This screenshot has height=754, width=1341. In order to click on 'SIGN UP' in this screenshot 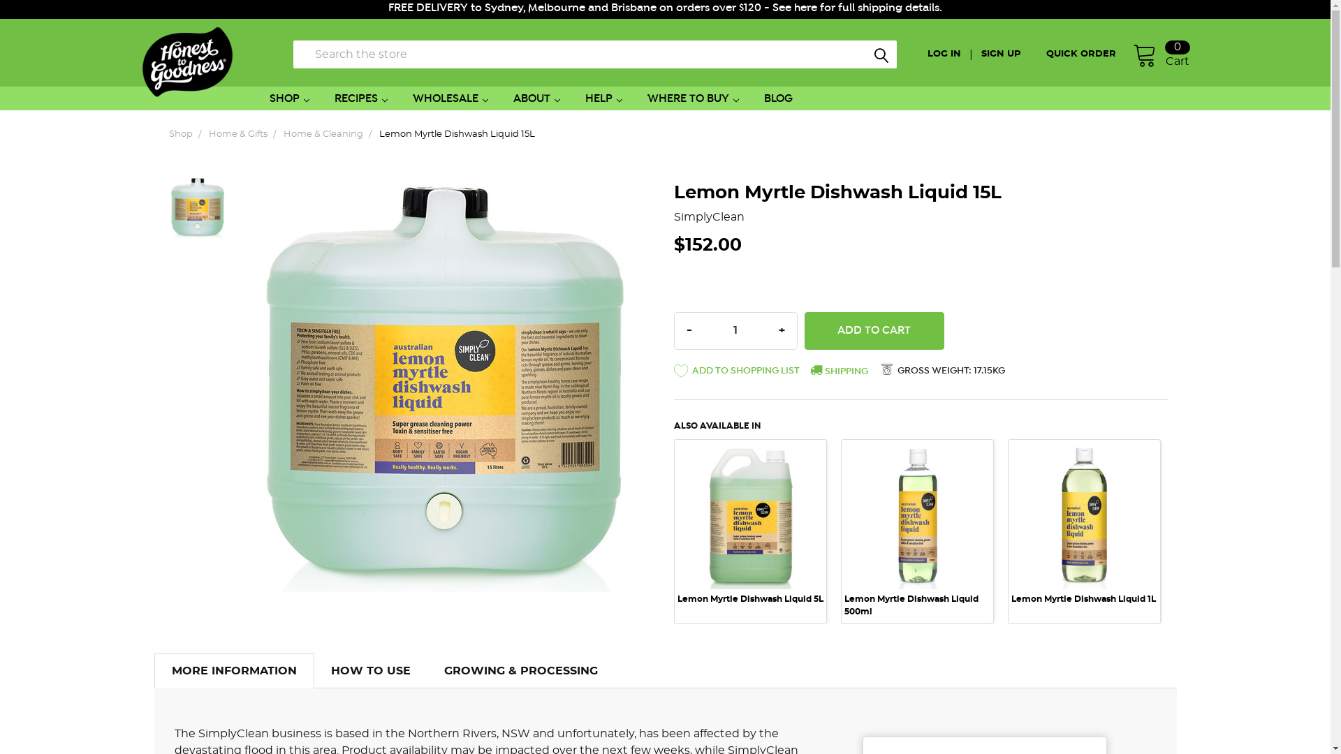, I will do `click(972, 54)`.